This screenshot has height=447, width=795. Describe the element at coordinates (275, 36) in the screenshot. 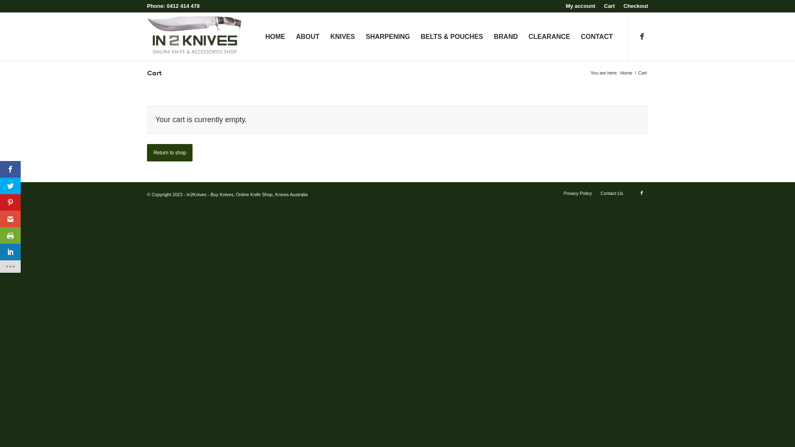

I see `'HOME'` at that location.